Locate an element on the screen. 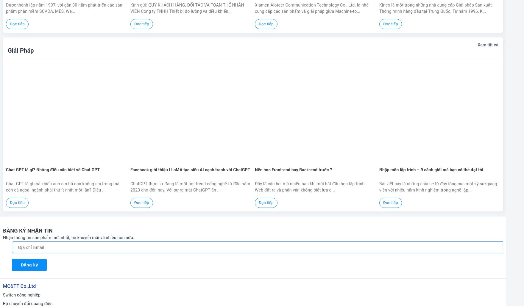 Image resolution: width=524 pixels, height=306 pixels. 'Chat GPT là gì mà khiến anh em bà con không chỉ trong mà còn cả ngoài ngành phải thử ít nhất một lần? Điều ...' is located at coordinates (6, 186).